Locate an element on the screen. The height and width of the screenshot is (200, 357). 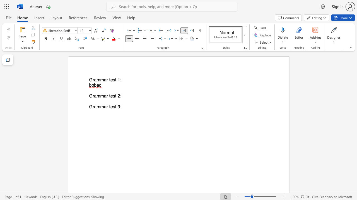
the subset text "amm" within the text "Grammar test 3:" is located at coordinates (94, 107).